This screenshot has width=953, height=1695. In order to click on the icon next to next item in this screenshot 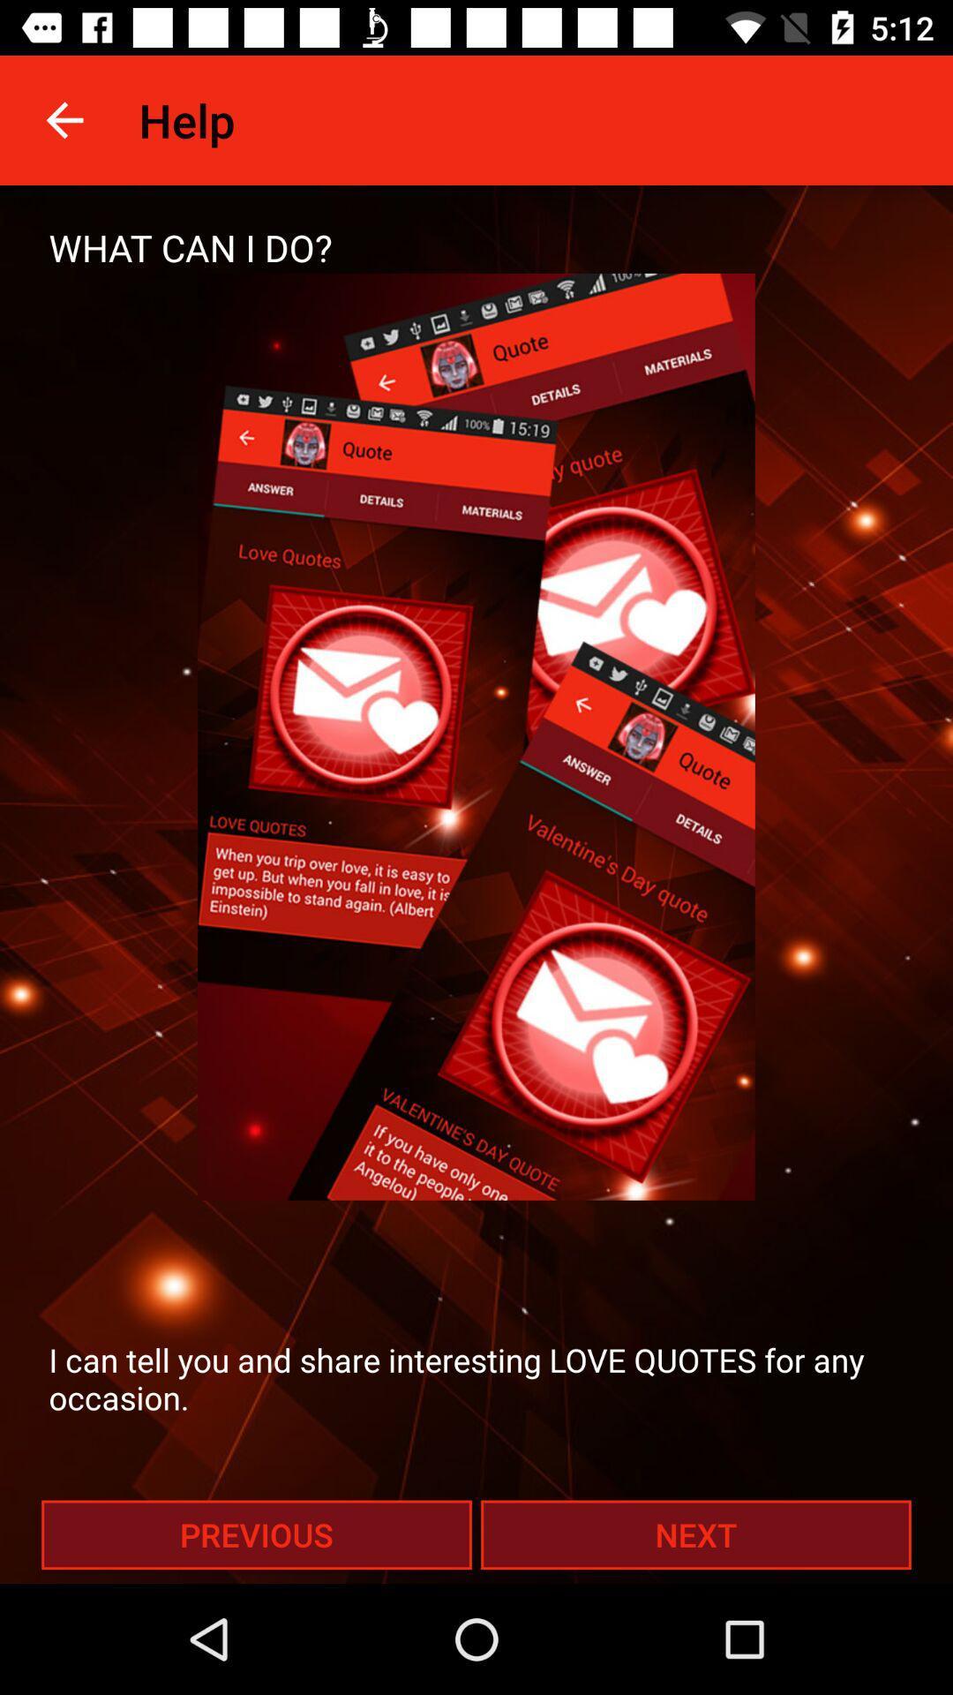, I will do `click(256, 1533)`.